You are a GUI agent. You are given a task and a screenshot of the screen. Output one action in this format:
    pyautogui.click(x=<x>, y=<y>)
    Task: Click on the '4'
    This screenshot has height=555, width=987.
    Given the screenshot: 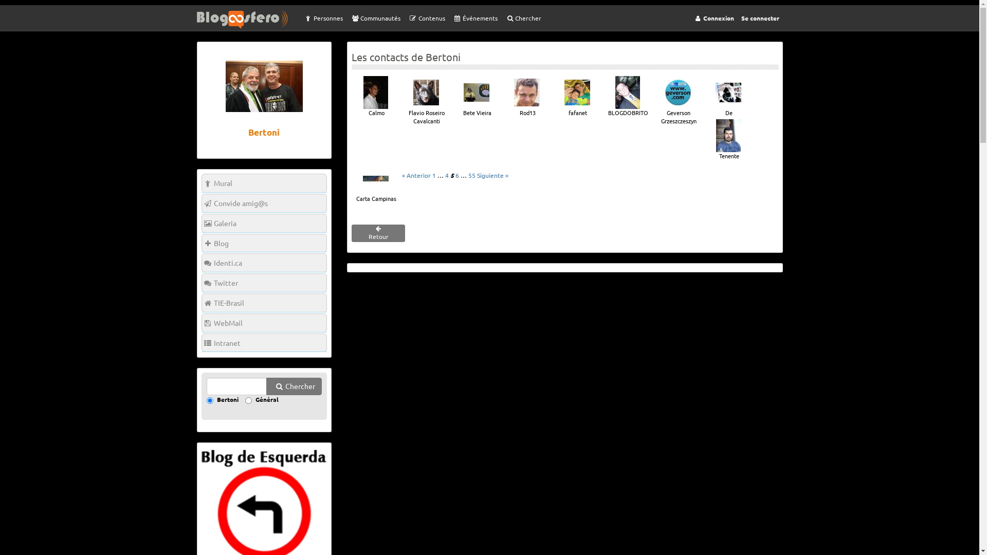 What is the action you would take?
    pyautogui.click(x=447, y=174)
    